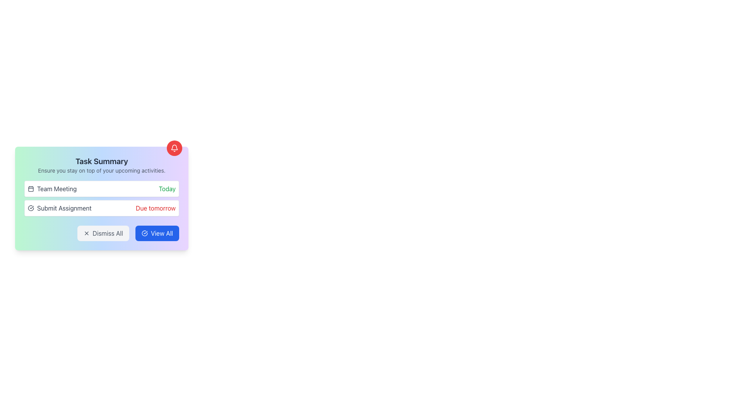 The image size is (743, 418). I want to click on the 'Dismiss All' button which has a light gray background and a cross icon, so click(103, 233).